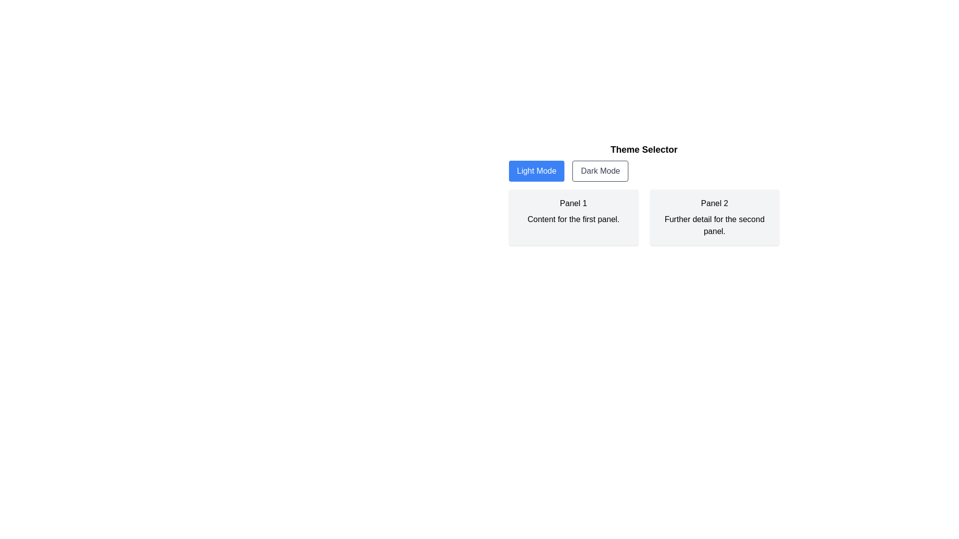  I want to click on the panel labeled 'Panel 1', so click(573, 217).